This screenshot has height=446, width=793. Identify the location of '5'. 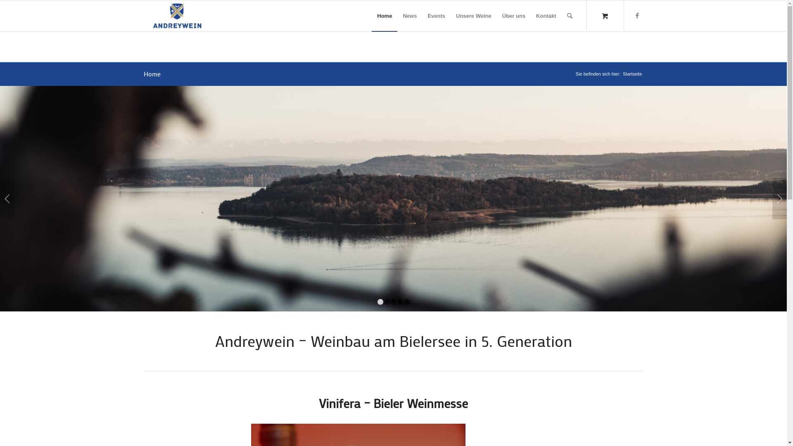
(406, 302).